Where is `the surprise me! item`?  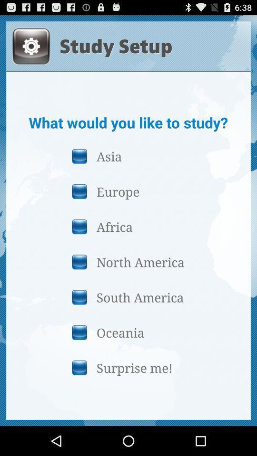
the surprise me! item is located at coordinates (128, 367).